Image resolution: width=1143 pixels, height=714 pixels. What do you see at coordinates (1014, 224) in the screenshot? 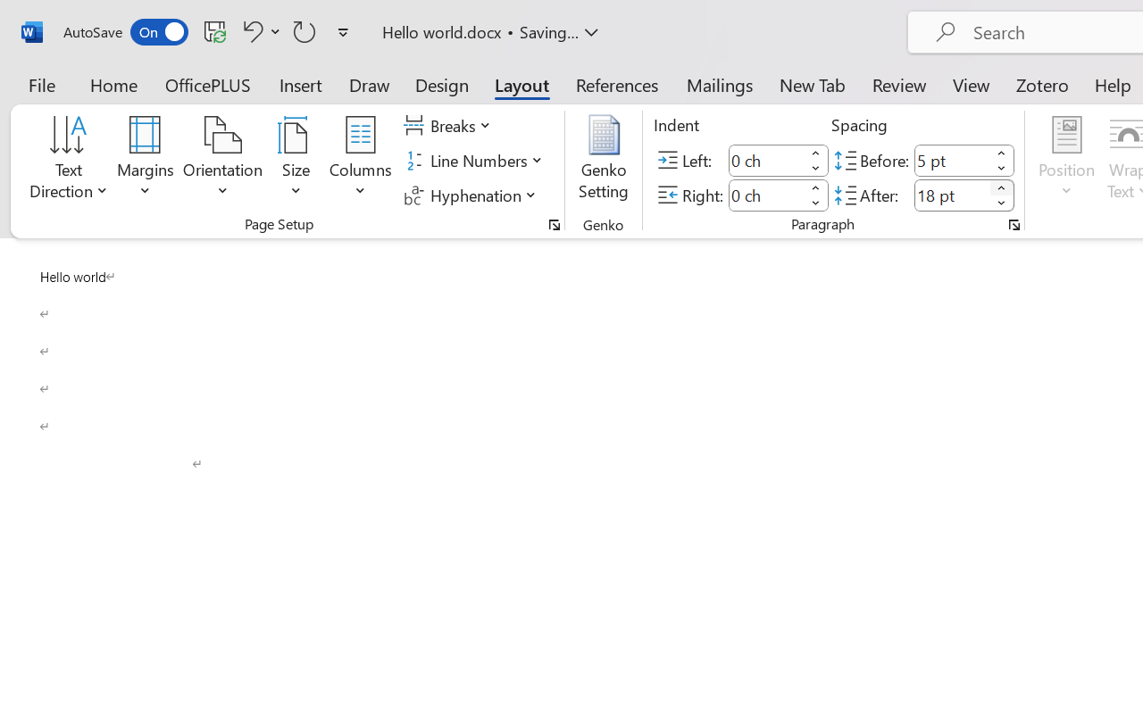
I see `'Paragraph...'` at bounding box center [1014, 224].